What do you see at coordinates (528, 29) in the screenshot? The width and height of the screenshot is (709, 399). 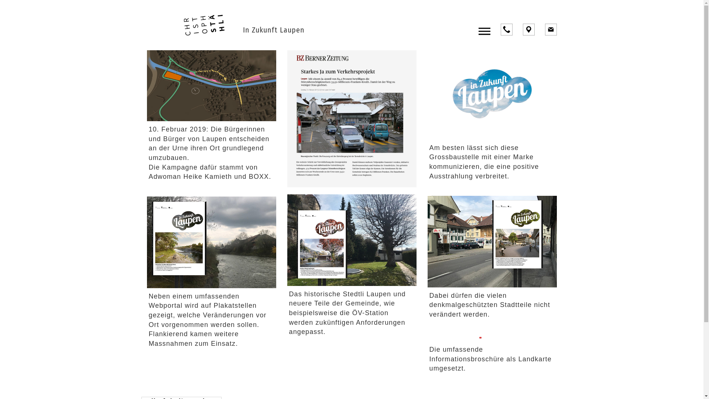 I see `'Location'` at bounding box center [528, 29].